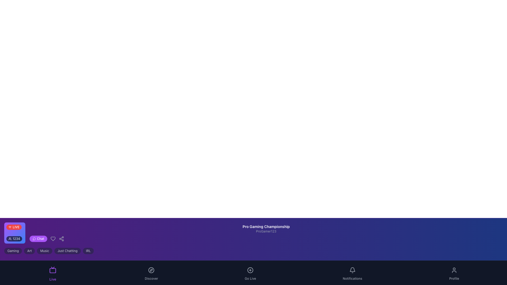  Describe the element at coordinates (53, 270) in the screenshot. I see `the decorative rectangular component within the 'Live' navigation icon located in the bottom navigation bar` at that location.